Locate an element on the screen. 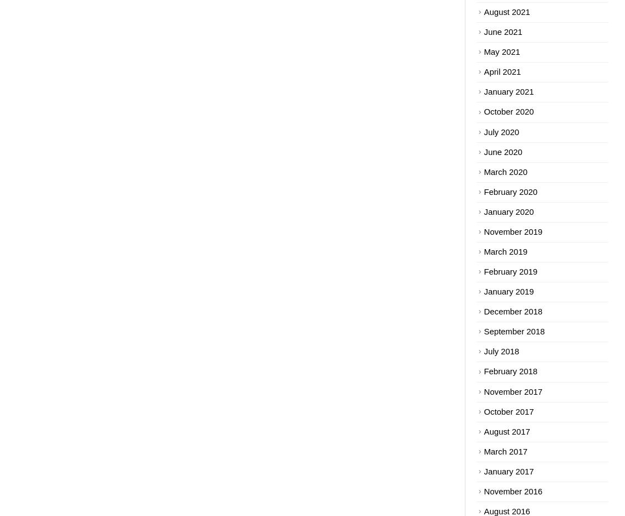  'March 2019' is located at coordinates (504, 252).